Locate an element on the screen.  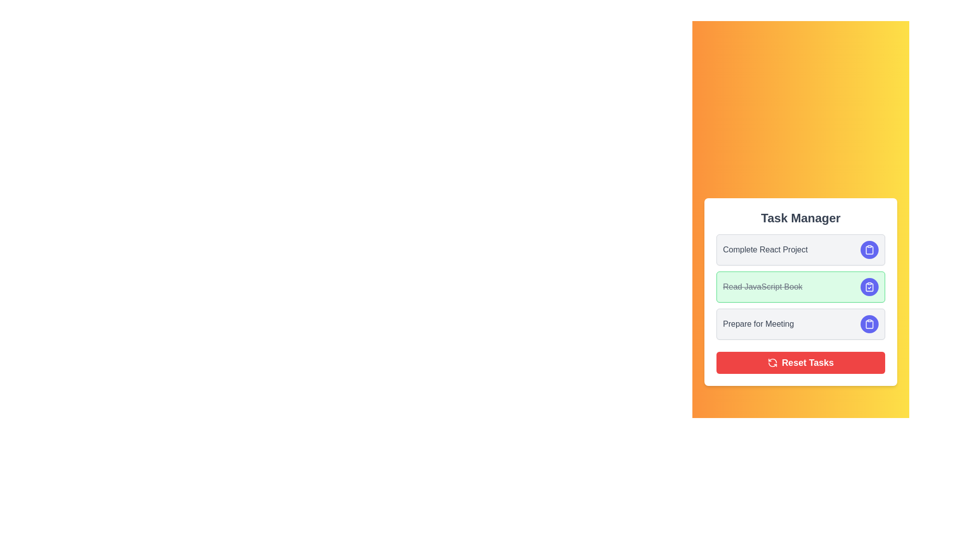
the third segment of the SVG refresh icon, which features a stroke-based design with rounded line caps and is located in the upper-right portion of the card interface is located at coordinates (772, 364).